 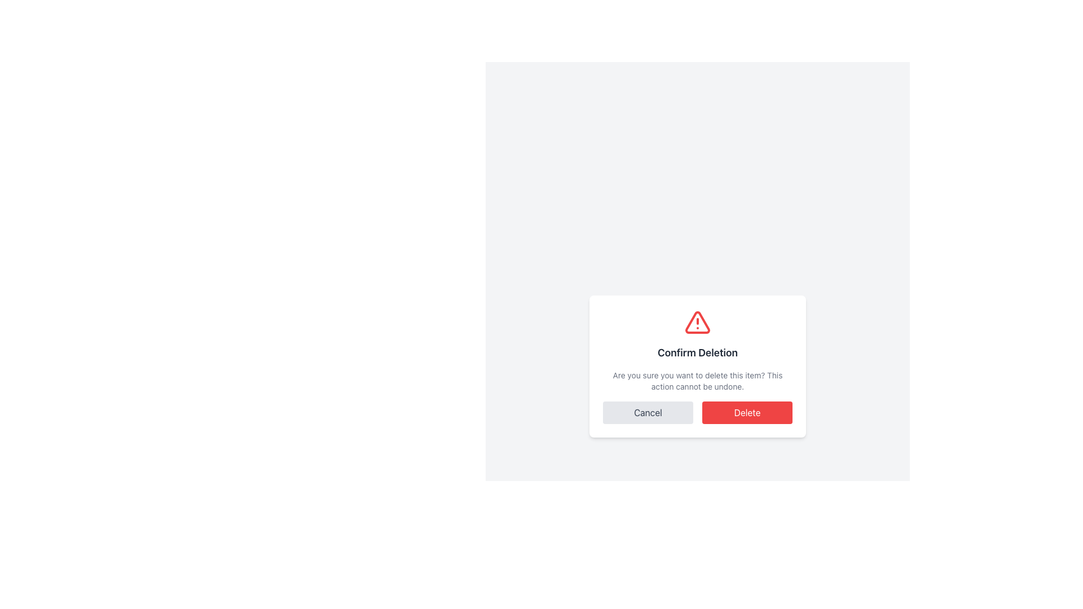 What do you see at coordinates (697, 322) in the screenshot?
I see `the graphical warning icon located at the top of the white rectangular modal dialog, which is centered horizontally above the 'Confirm Deletion' text` at bounding box center [697, 322].